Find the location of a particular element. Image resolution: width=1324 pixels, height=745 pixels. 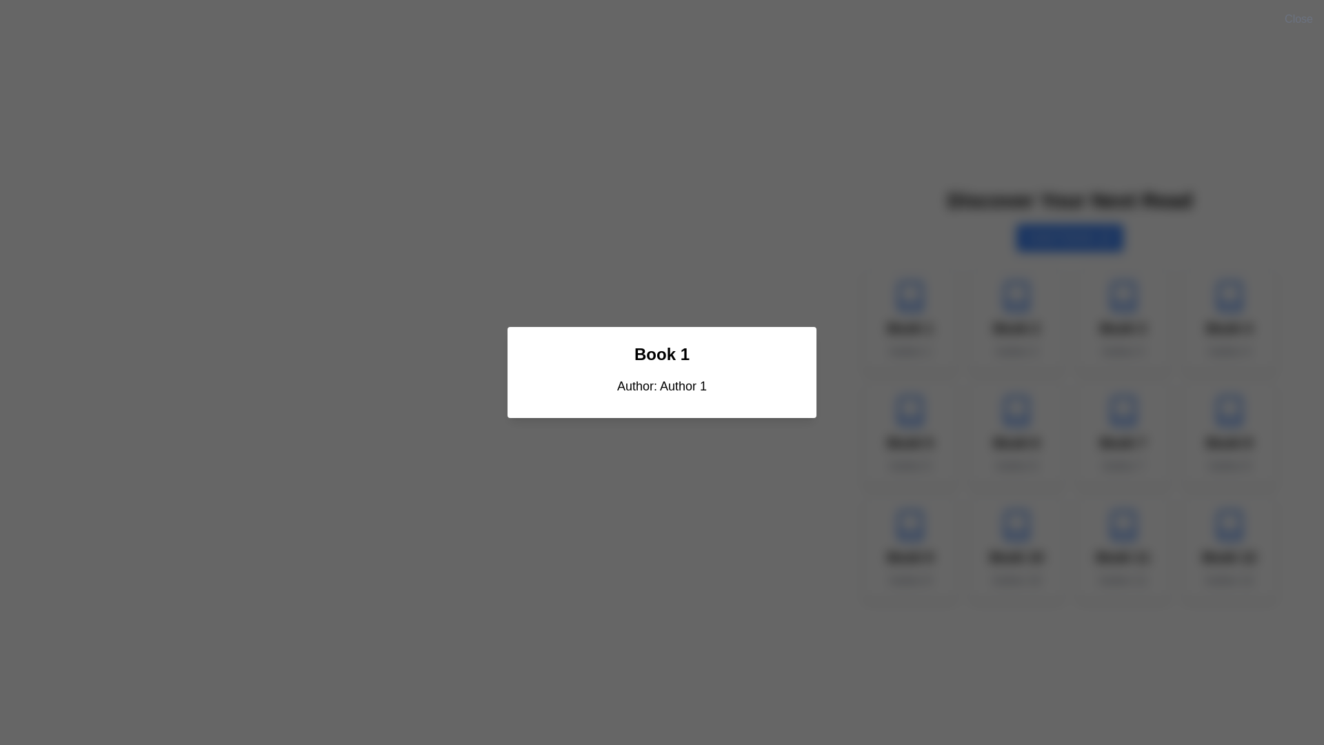

the book card that displays the title and author information, located in the first row and second column of the grid is located at coordinates (1016, 319).